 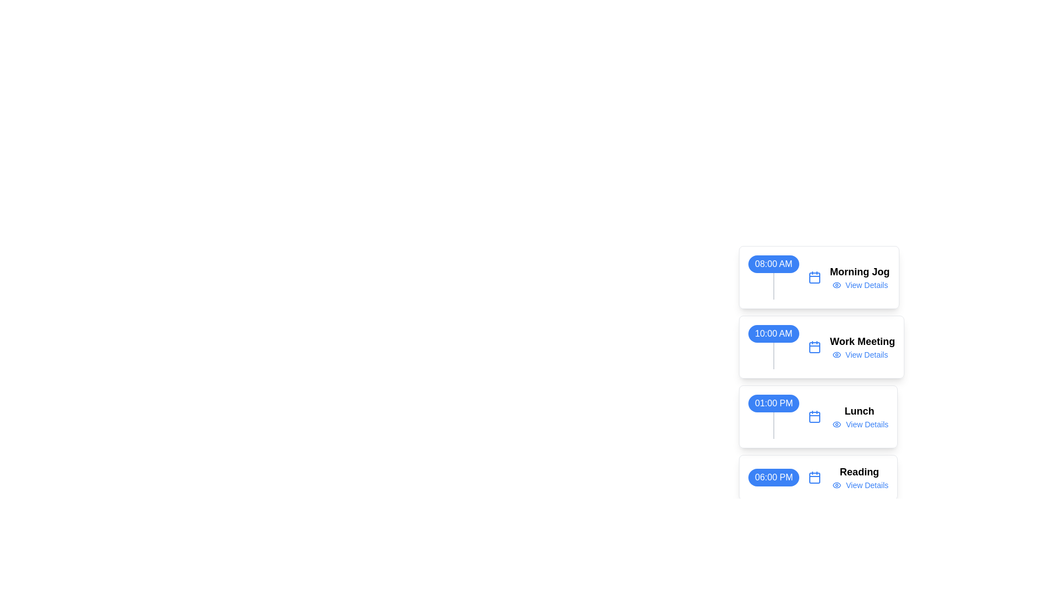 I want to click on 'Morning Jog' text for event identification from the Composite element located in the '08:00 AM' event block, aligned towards the right side, next to a calendar icon, so click(x=859, y=276).